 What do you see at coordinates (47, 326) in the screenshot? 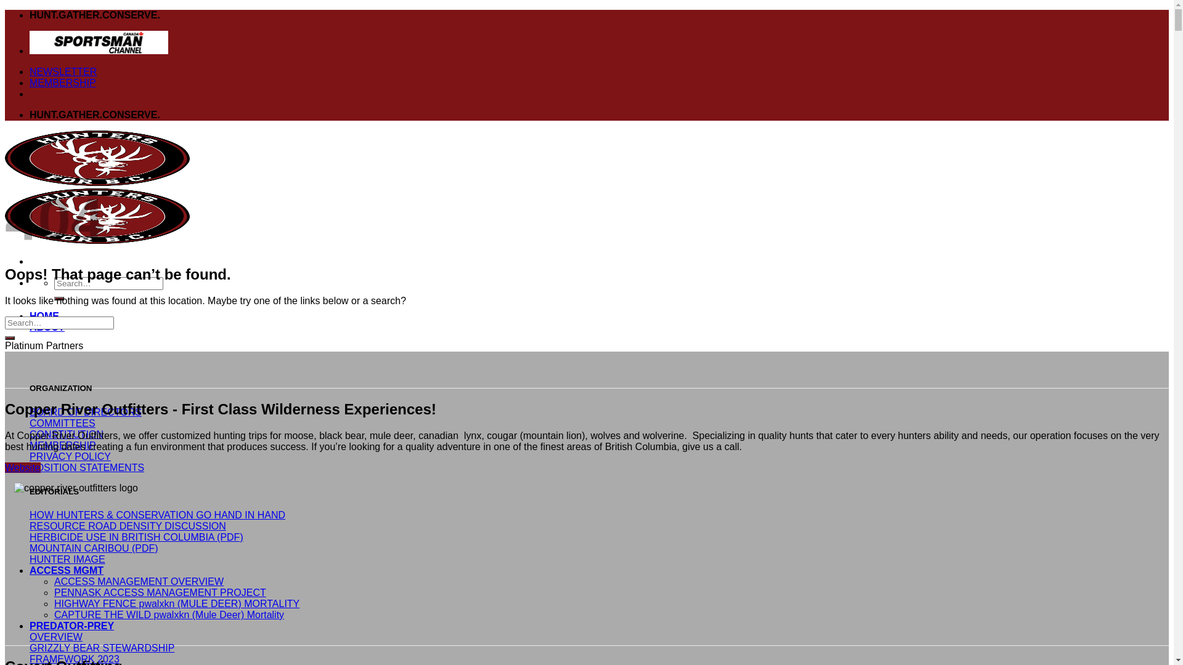
I see `'ABOUT'` at bounding box center [47, 326].